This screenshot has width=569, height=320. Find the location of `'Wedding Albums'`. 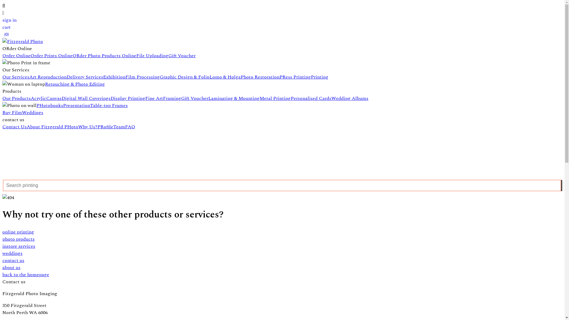

'Wedding Albums' is located at coordinates (350, 98).